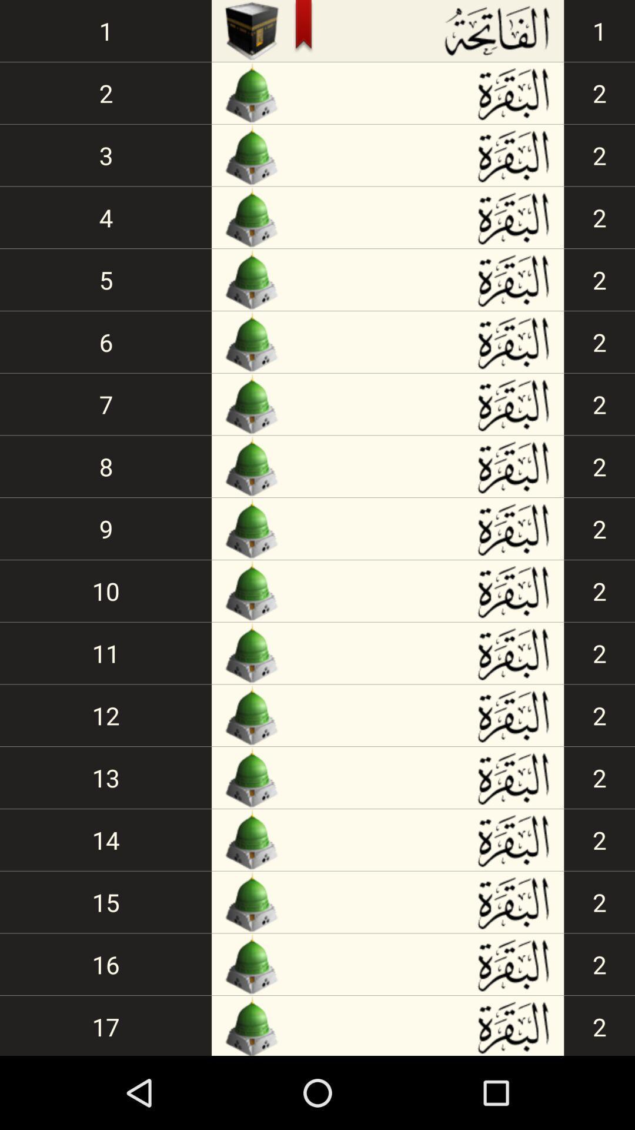  What do you see at coordinates (106, 591) in the screenshot?
I see `the app below 9 icon` at bounding box center [106, 591].